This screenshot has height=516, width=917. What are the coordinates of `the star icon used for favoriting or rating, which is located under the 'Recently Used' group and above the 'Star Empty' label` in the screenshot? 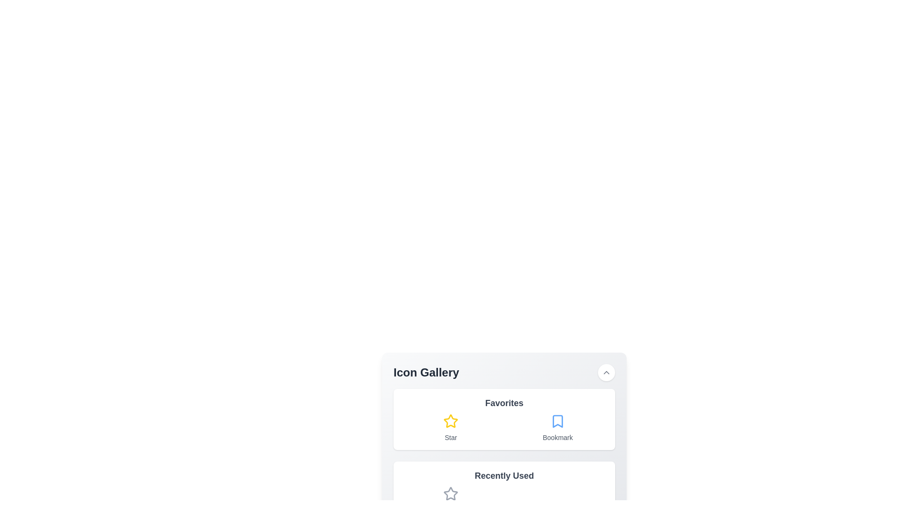 It's located at (450, 494).